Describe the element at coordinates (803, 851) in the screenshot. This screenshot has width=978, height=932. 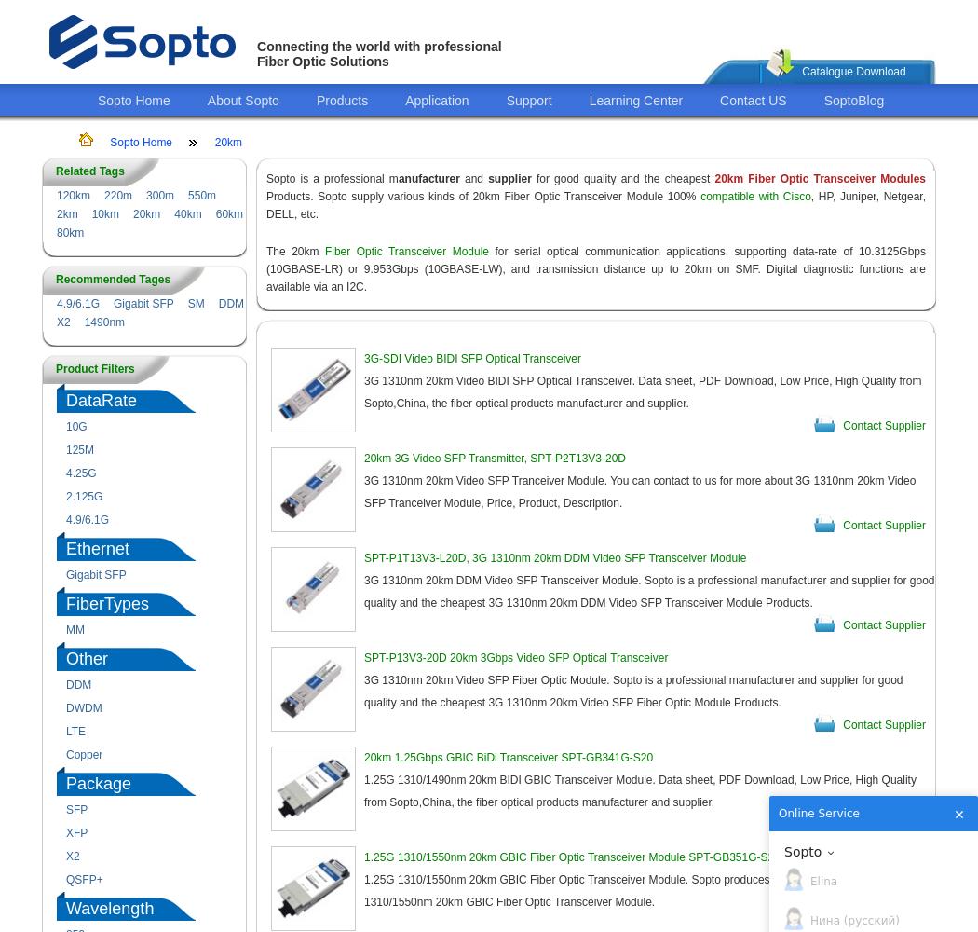
I see `'Sopto'` at that location.